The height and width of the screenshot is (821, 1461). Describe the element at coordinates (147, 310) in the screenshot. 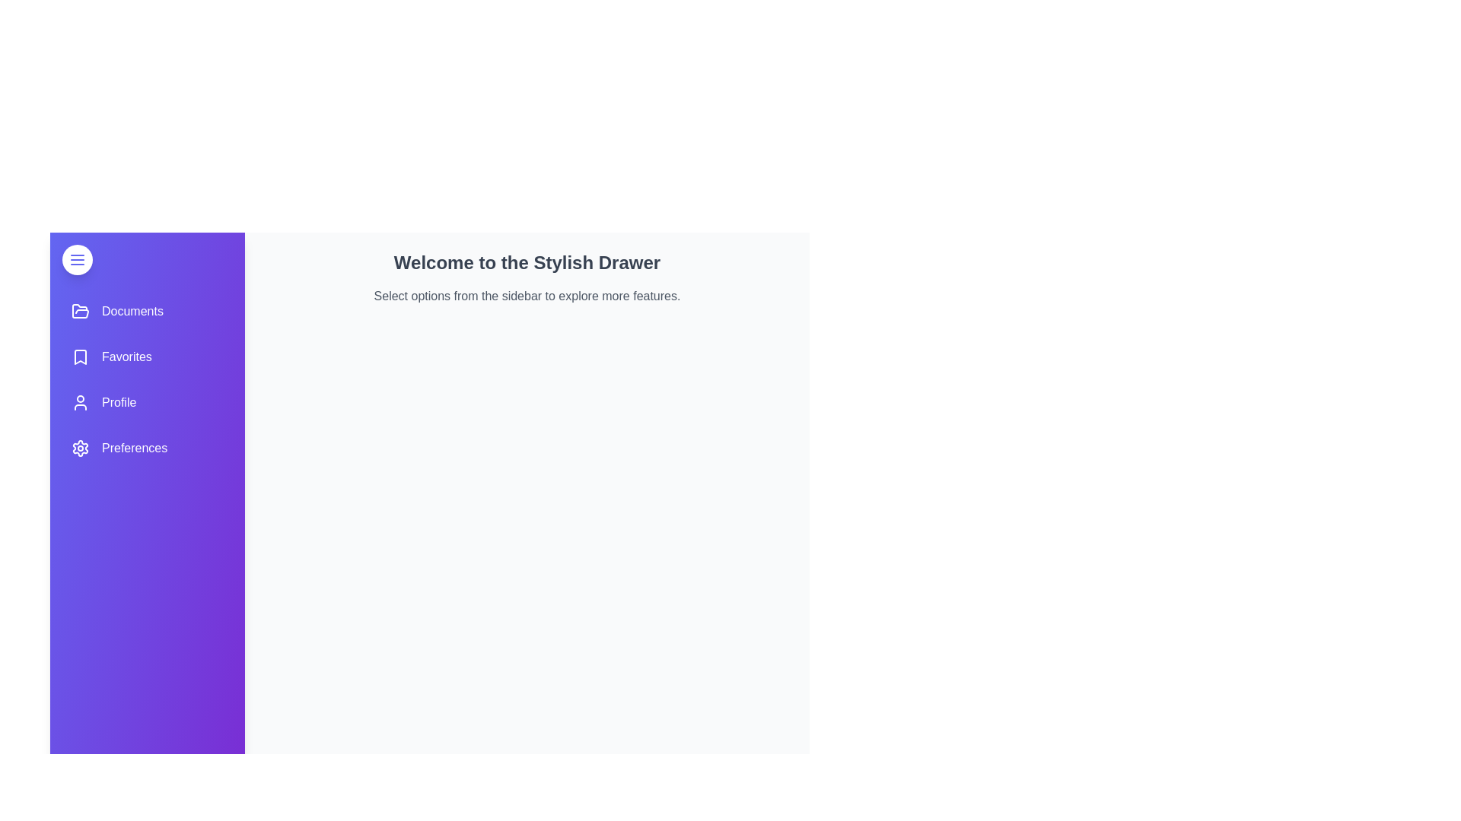

I see `the menu item Documents to observe its hover effect` at that location.